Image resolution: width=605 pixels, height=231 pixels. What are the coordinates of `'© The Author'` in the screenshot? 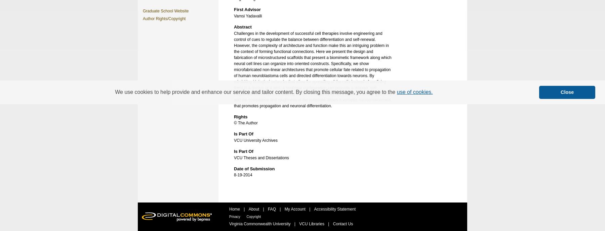 It's located at (245, 123).